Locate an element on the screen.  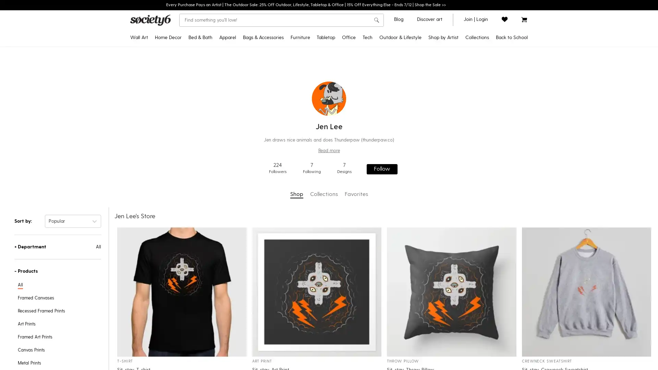
Tech is located at coordinates (367, 38).